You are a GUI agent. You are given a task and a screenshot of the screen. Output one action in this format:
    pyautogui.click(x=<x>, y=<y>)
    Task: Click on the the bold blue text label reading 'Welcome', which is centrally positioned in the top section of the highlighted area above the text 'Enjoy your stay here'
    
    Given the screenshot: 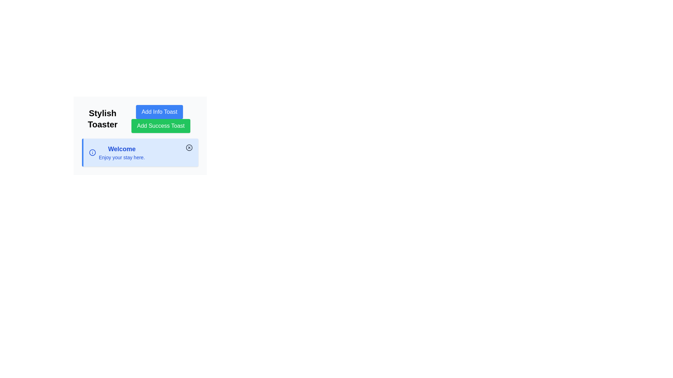 What is the action you would take?
    pyautogui.click(x=122, y=148)
    